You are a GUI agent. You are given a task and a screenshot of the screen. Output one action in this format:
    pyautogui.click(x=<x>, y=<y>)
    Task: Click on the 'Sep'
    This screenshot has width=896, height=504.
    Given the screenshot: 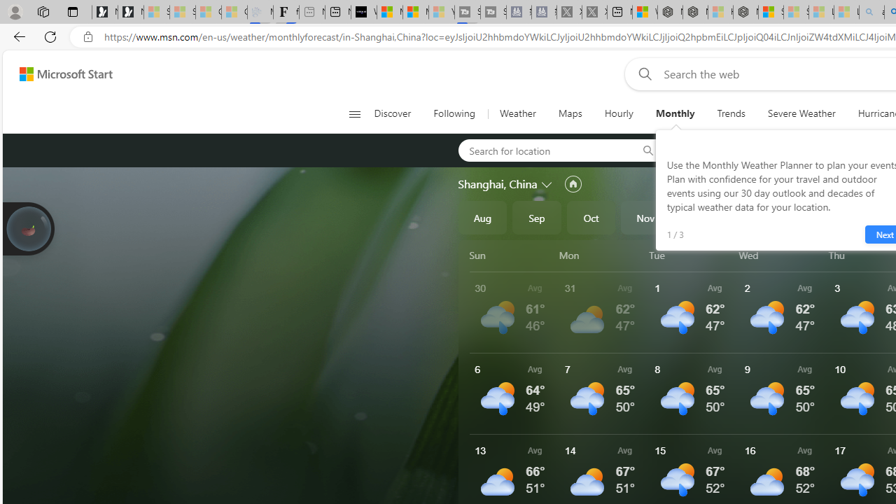 What is the action you would take?
    pyautogui.click(x=536, y=218)
    